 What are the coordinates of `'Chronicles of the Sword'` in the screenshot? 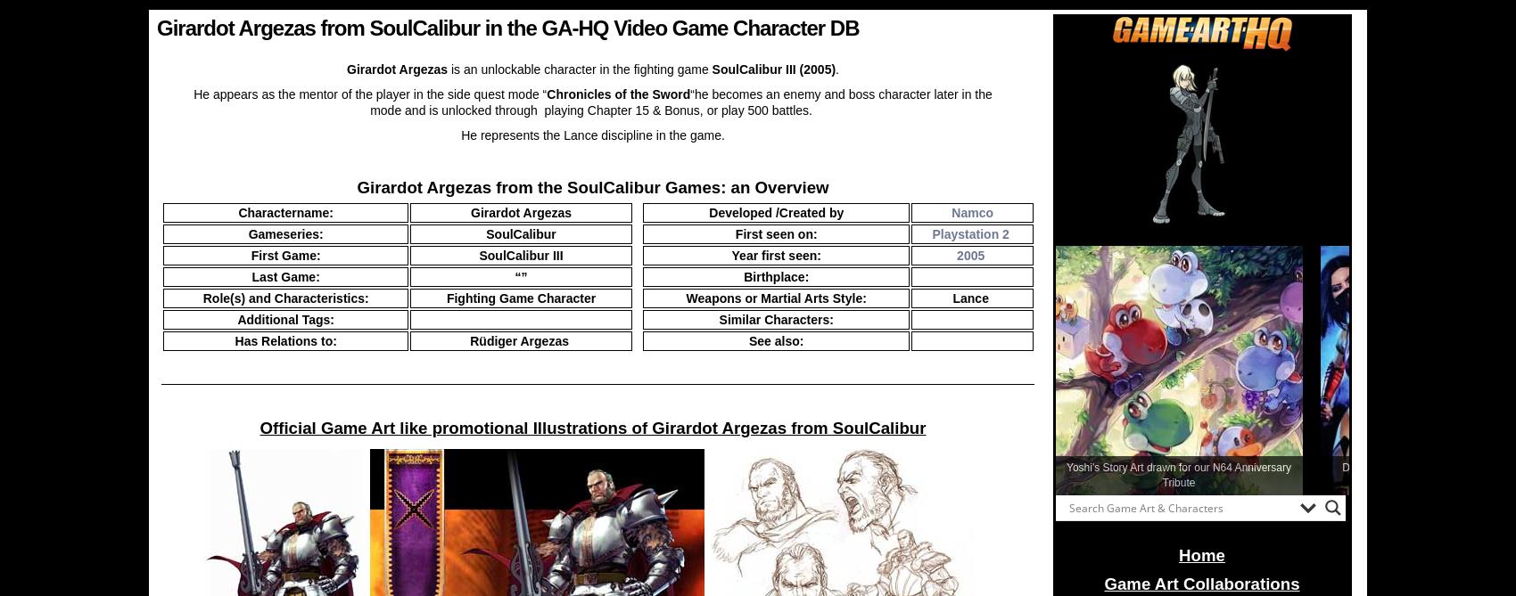 It's located at (618, 94).